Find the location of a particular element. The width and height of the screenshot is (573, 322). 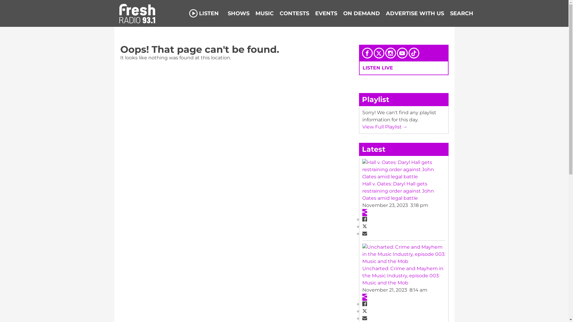

'LISTEN LIVE' is located at coordinates (377, 67).